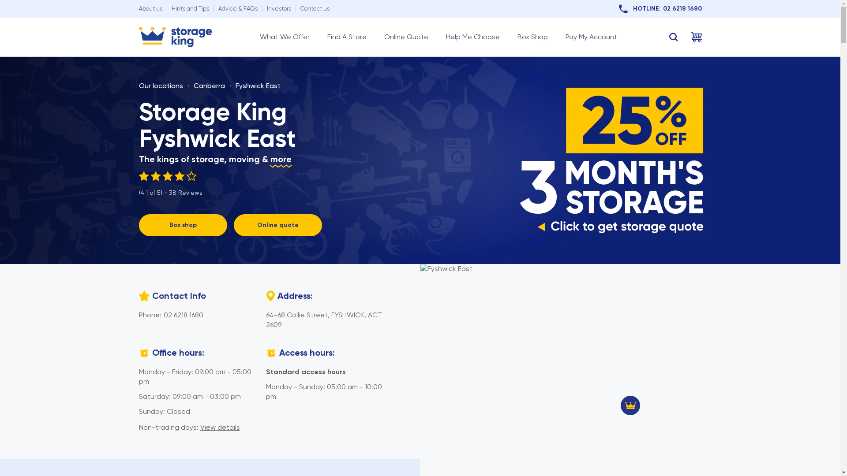 The height and width of the screenshot is (476, 847). Describe the element at coordinates (237, 8) in the screenshot. I see `'Advice & FAQs'` at that location.